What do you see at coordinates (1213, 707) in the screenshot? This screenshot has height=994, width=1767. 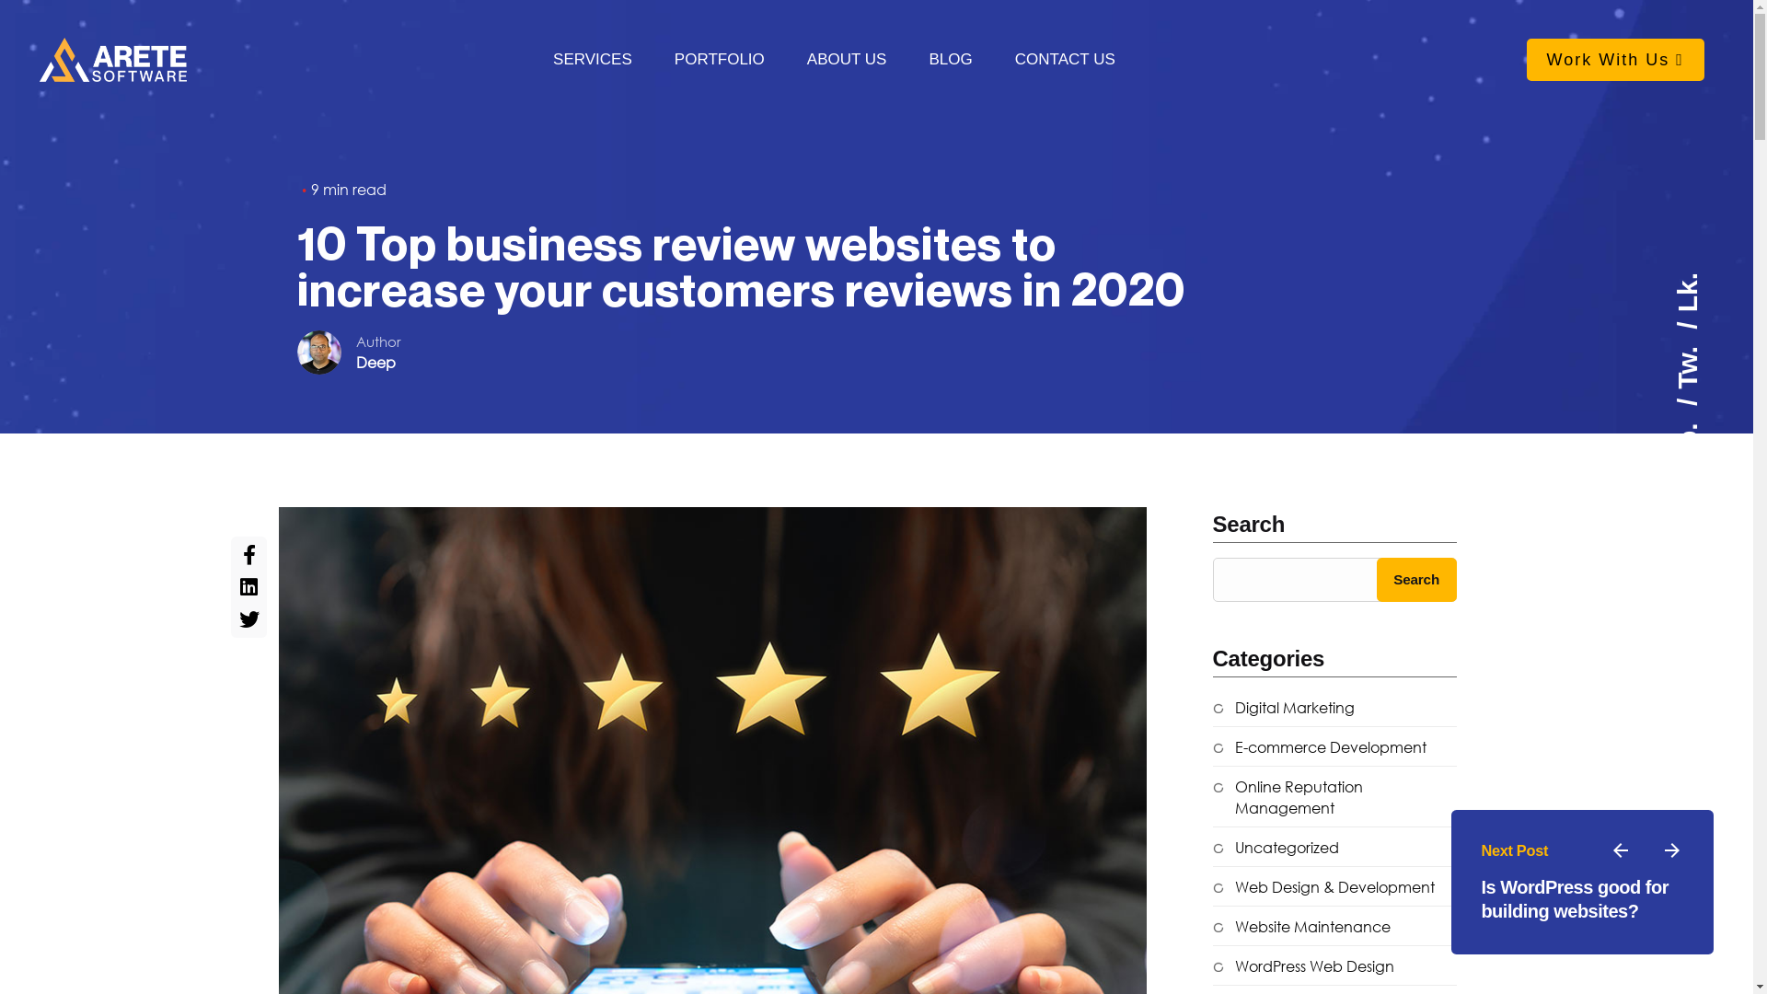 I see `'Digital Marketing'` at bounding box center [1213, 707].